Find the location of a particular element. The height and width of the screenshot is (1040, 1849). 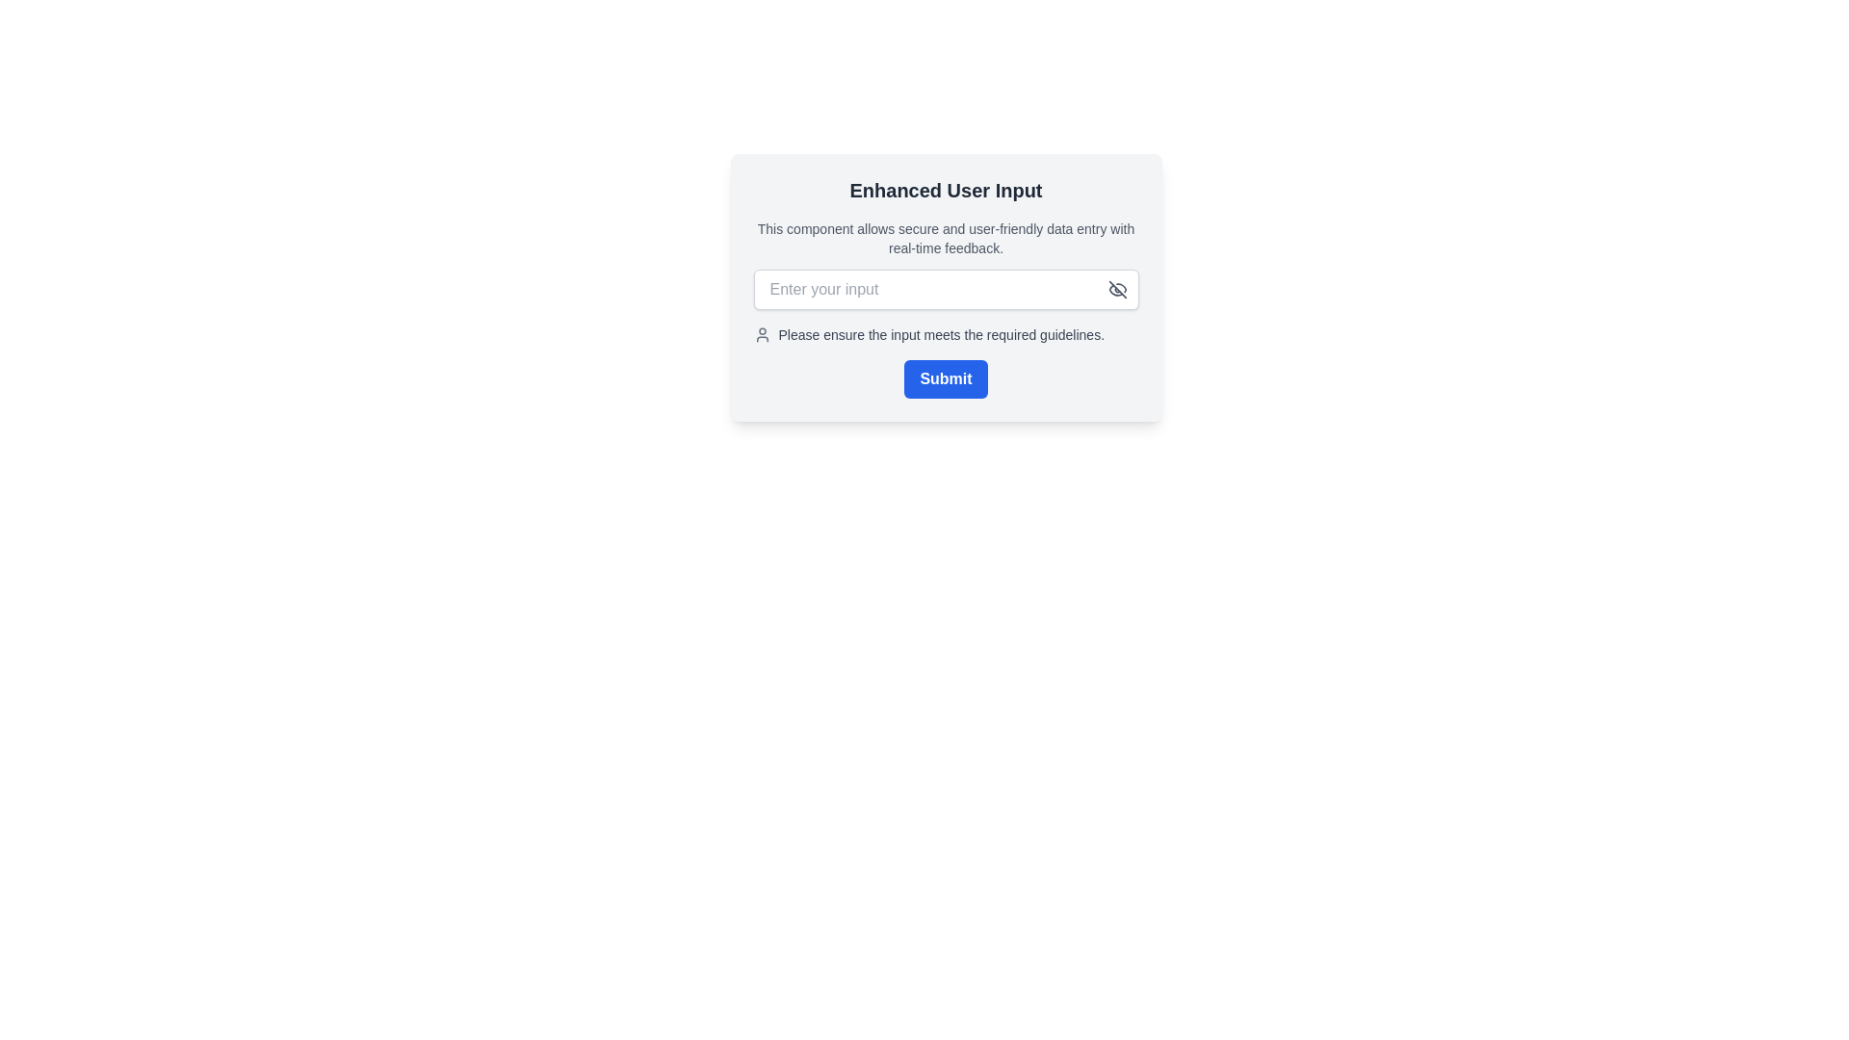

the toggle button icon located to the right of the input field is located at coordinates (1117, 289).